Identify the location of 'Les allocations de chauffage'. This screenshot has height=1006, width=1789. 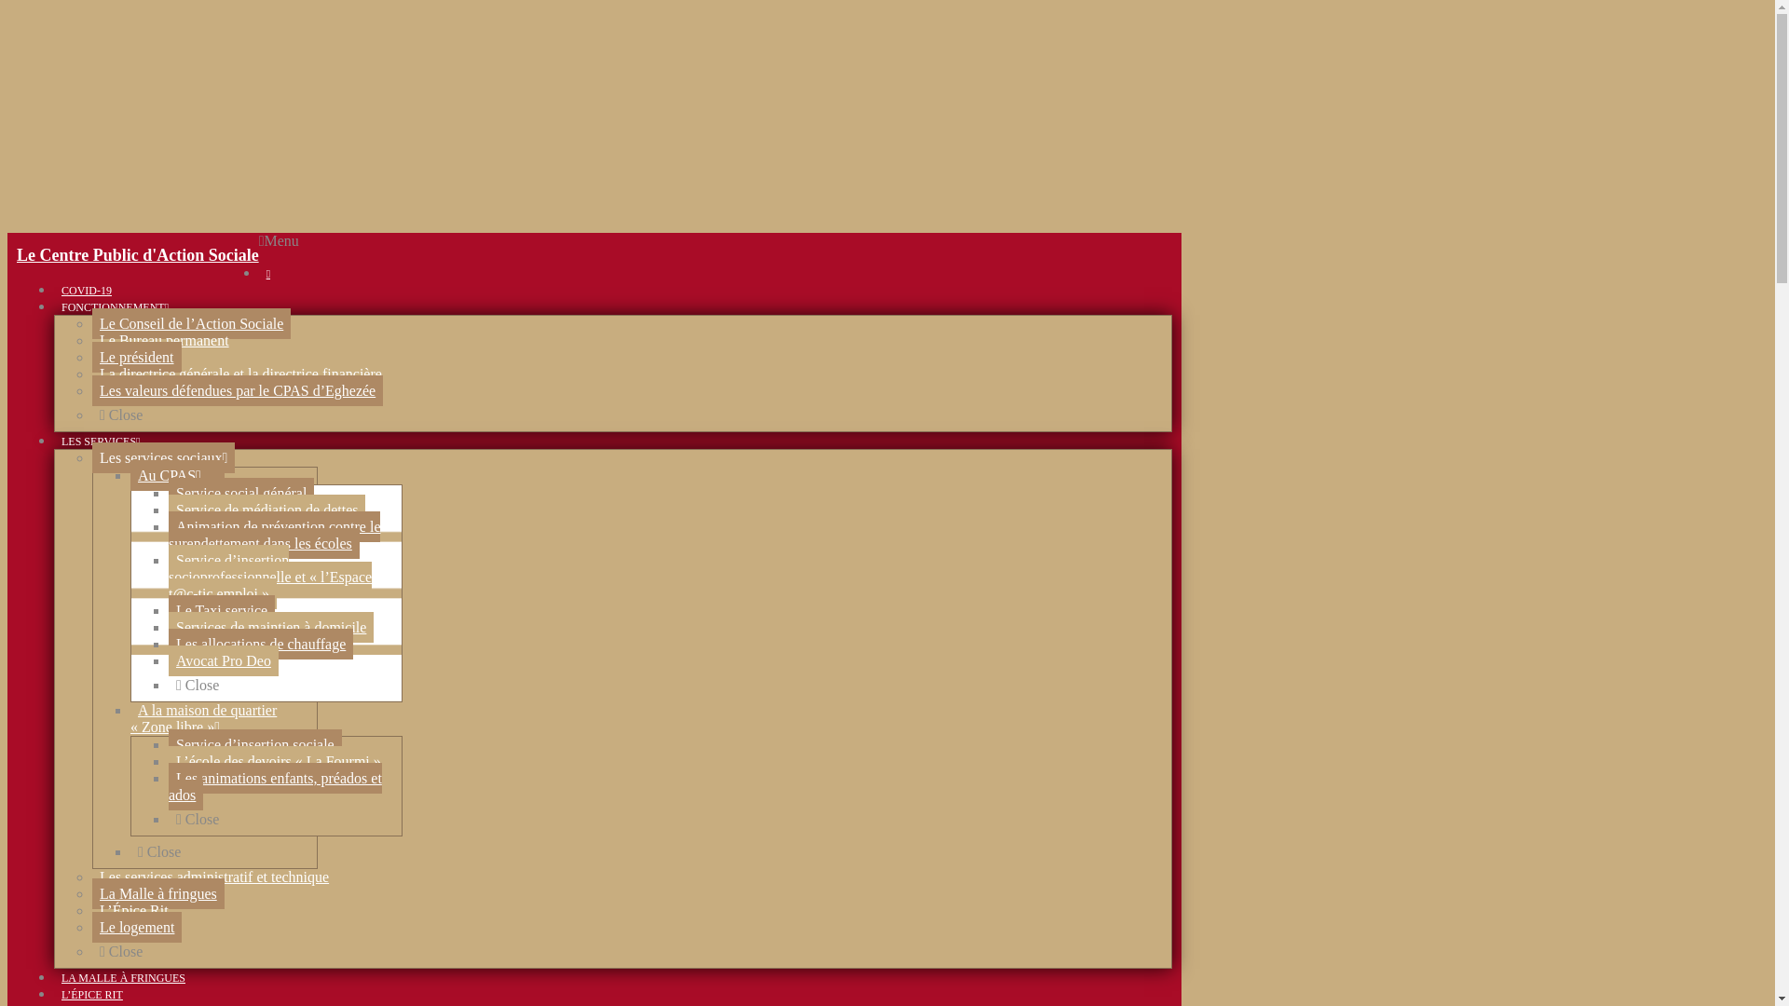
(259, 643).